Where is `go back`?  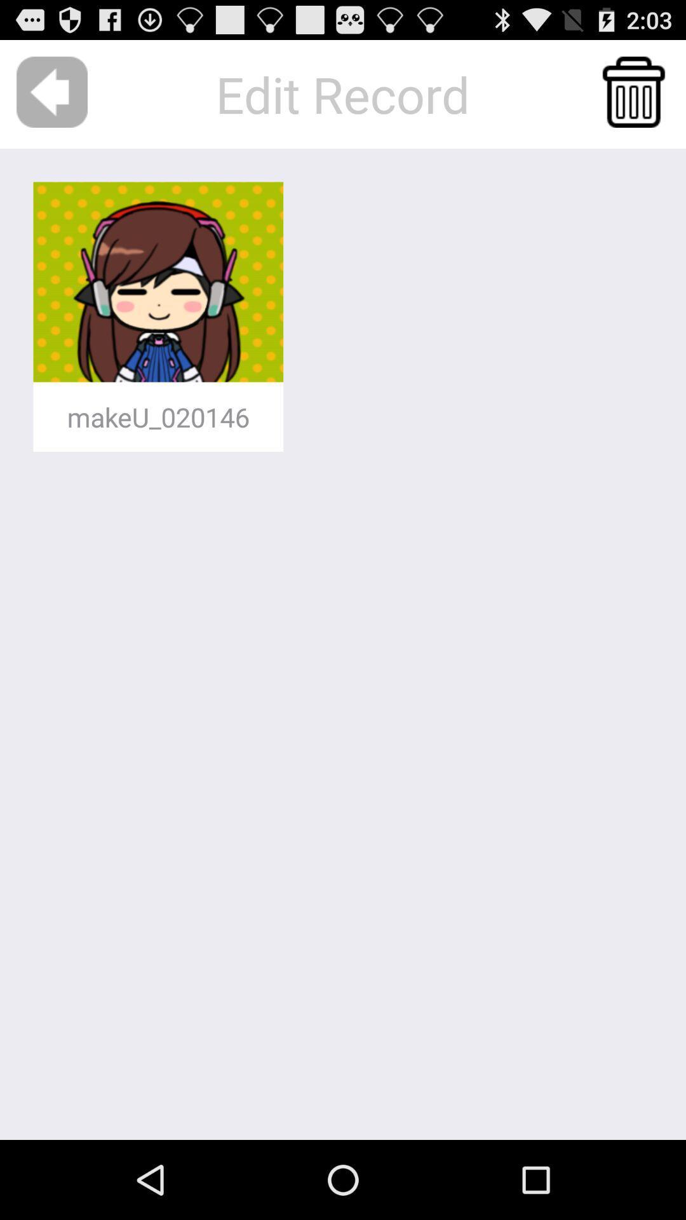 go back is located at coordinates (51, 91).